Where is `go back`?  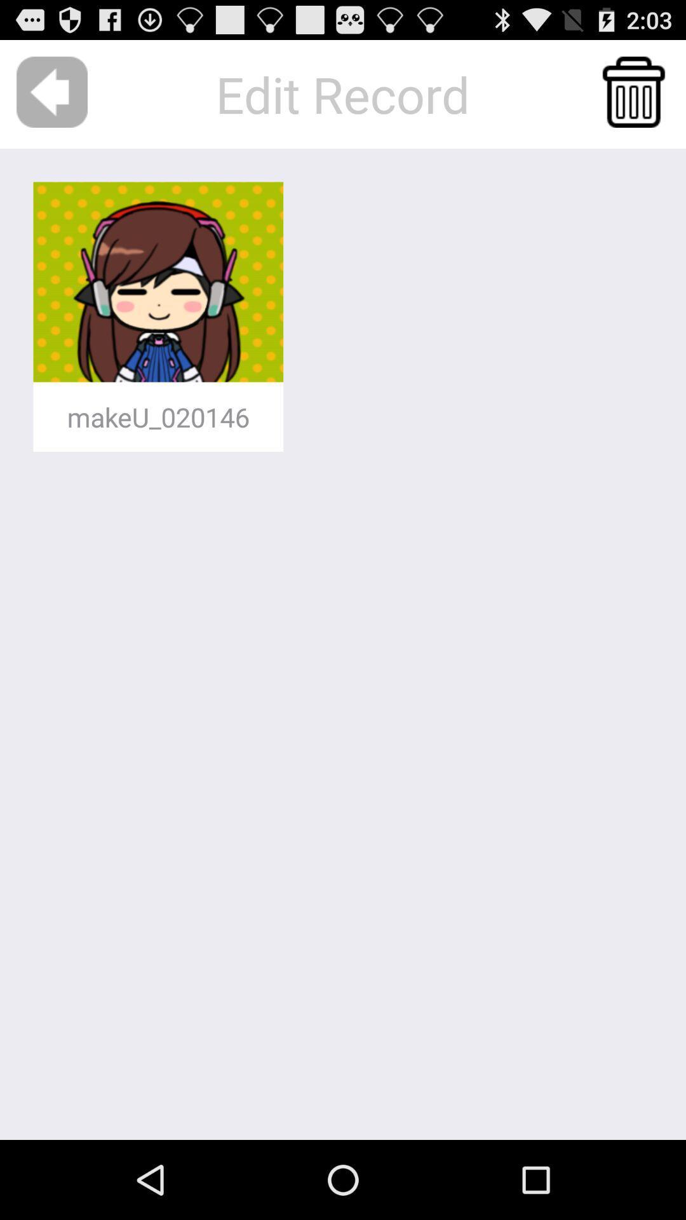 go back is located at coordinates (51, 91).